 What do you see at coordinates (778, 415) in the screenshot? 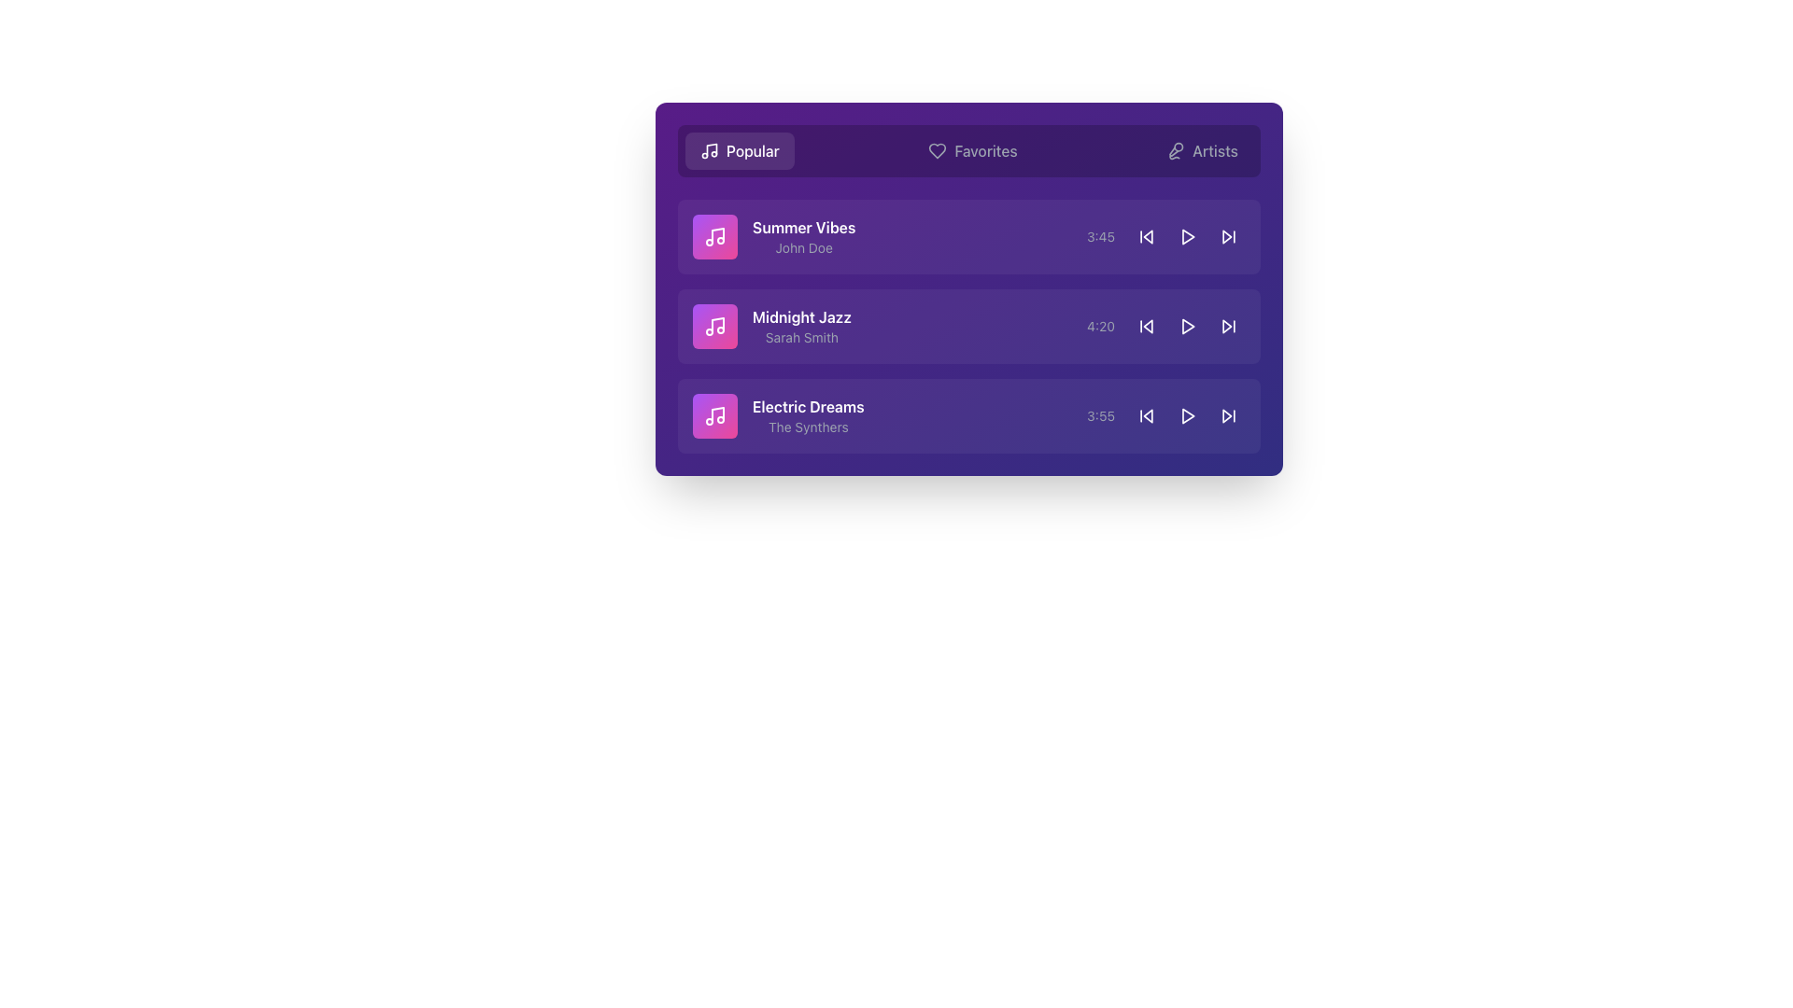
I see `the music track entry for 'Electric Dreams' by 'The Synthers'` at bounding box center [778, 415].